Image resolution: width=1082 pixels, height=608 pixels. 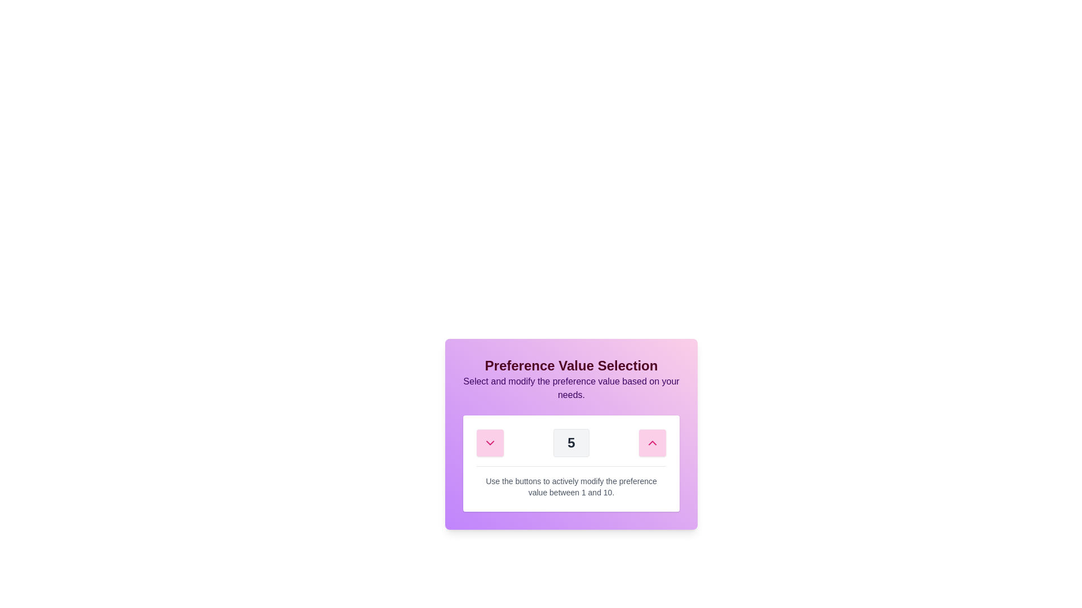 What do you see at coordinates (571, 388) in the screenshot?
I see `the instructional text element located beneath the 'Preference Value Selection' title to provide guidance for modifying preference values` at bounding box center [571, 388].